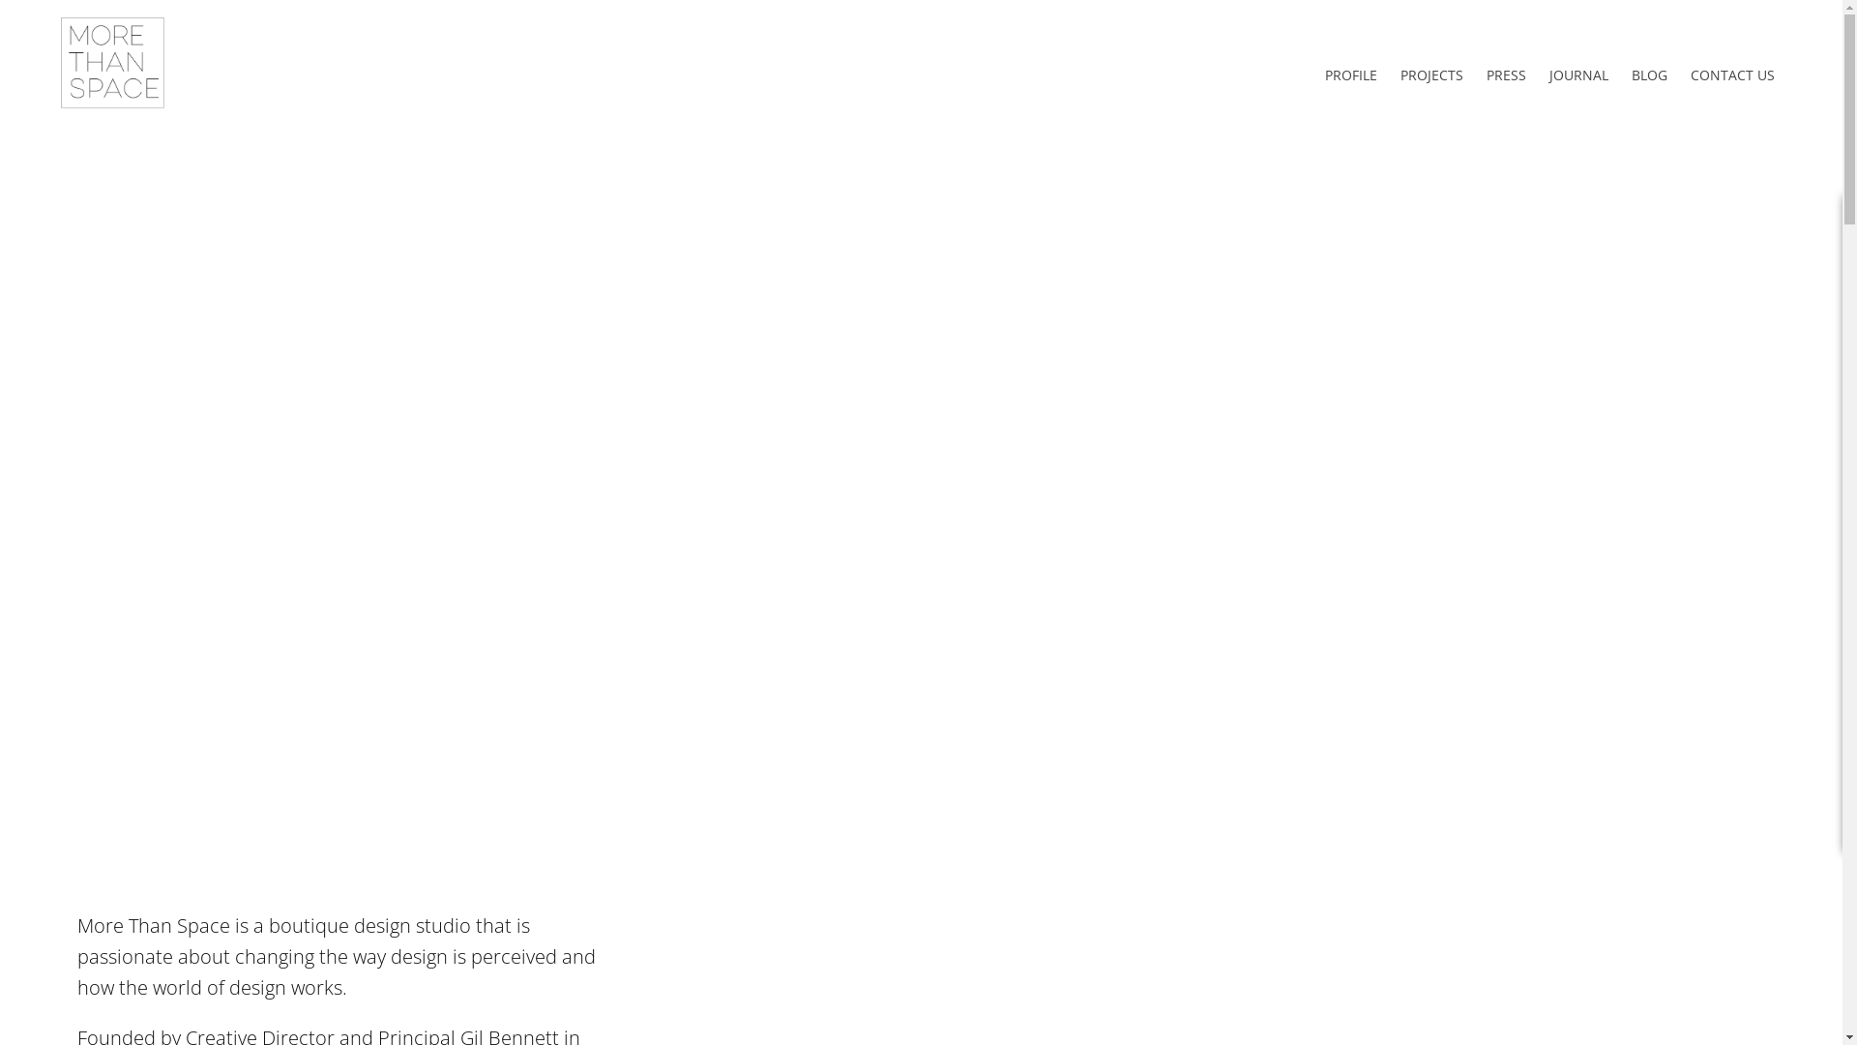 The width and height of the screenshot is (1857, 1045). Describe the element at coordinates (1621, 74) in the screenshot. I see `'BLOG'` at that location.